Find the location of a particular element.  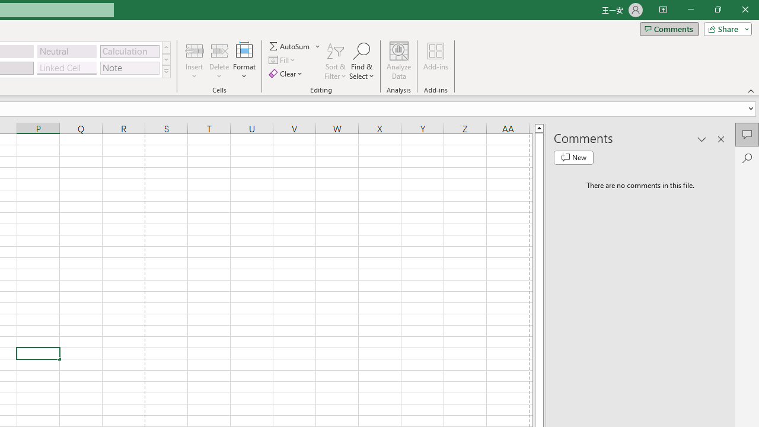

'Insert Cells' is located at coordinates (194, 50).